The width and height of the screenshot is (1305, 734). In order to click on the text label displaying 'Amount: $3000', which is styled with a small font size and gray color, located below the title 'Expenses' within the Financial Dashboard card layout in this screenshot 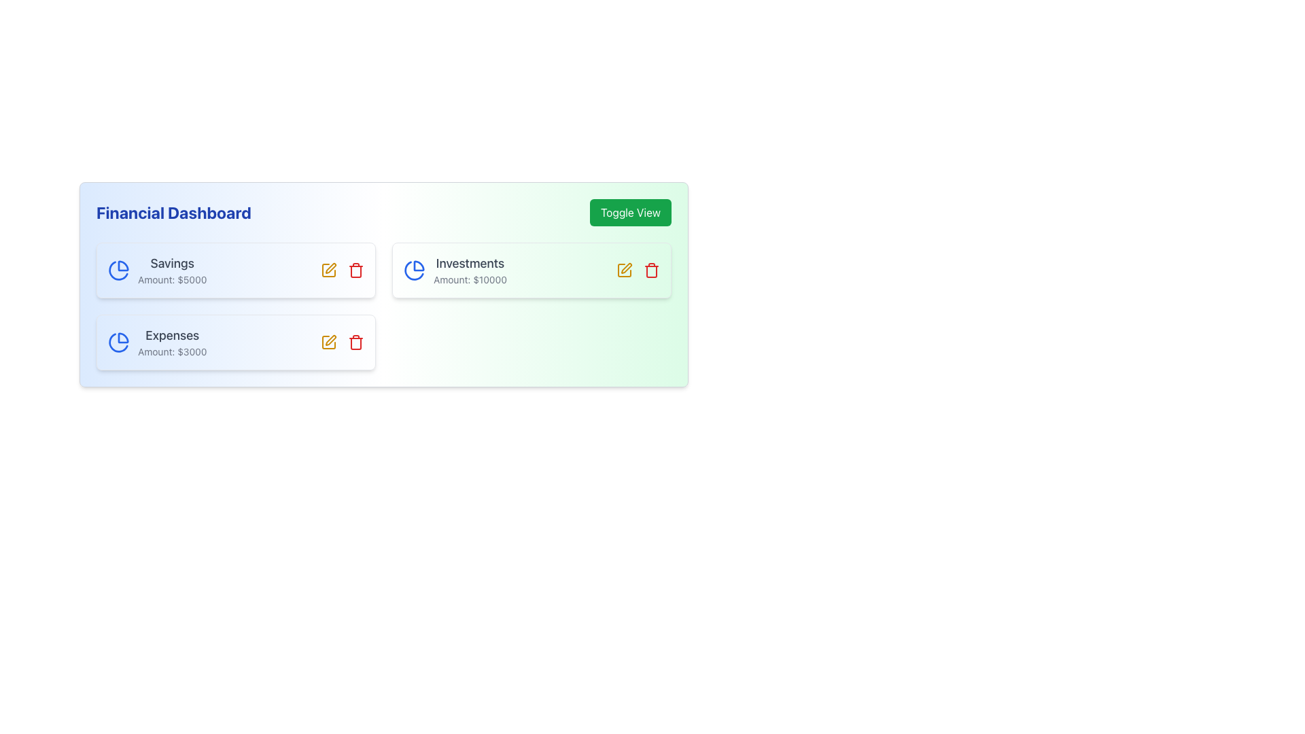, I will do `click(171, 351)`.